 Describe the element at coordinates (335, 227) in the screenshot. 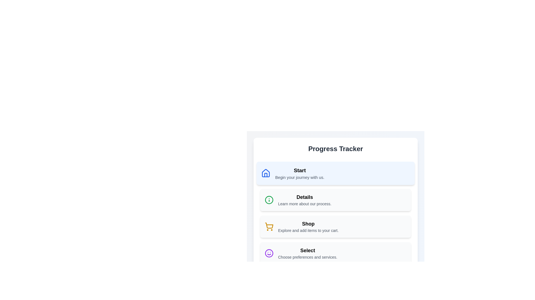

I see `the 'Shop' step panel in the multi-step progress tracker interface` at that location.